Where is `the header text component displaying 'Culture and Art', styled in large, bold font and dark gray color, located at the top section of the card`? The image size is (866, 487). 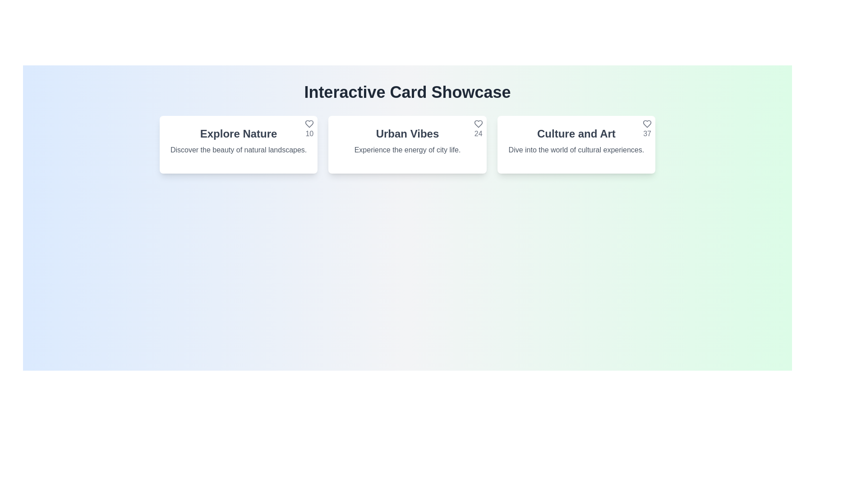
the header text component displaying 'Culture and Art', styled in large, bold font and dark gray color, located at the top section of the card is located at coordinates (576, 134).